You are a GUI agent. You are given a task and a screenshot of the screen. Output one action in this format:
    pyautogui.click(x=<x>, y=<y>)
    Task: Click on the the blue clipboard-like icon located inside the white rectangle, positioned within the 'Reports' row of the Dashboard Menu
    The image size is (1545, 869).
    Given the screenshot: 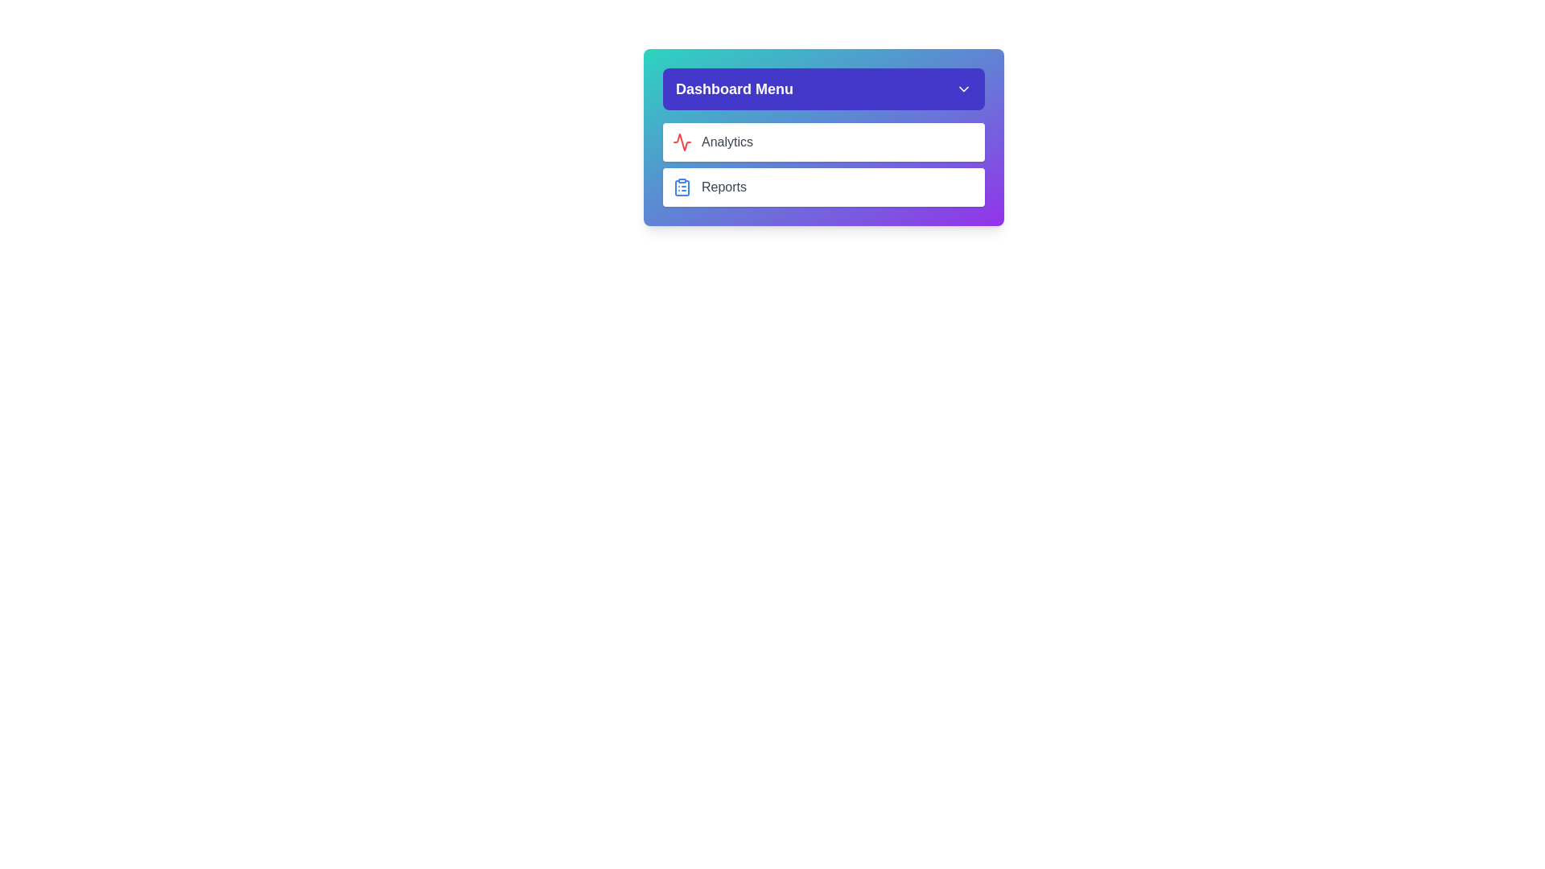 What is the action you would take?
    pyautogui.click(x=682, y=186)
    